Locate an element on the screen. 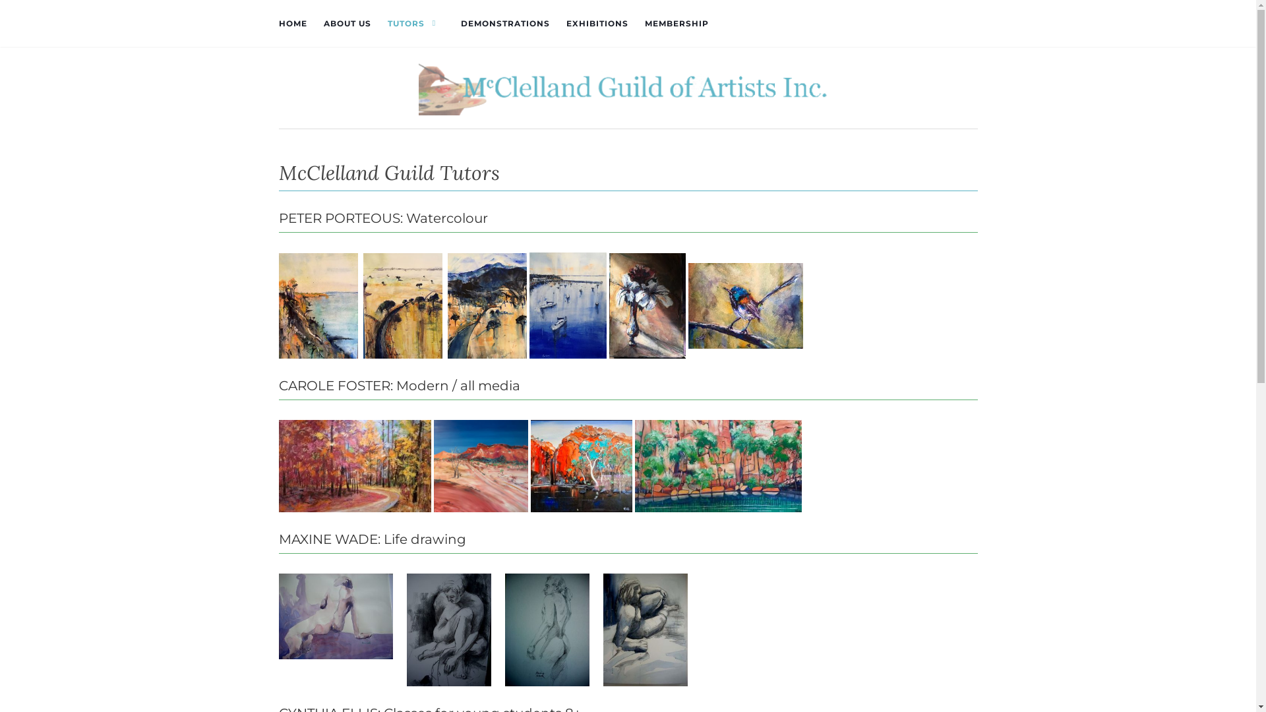  'ABOUT US' is located at coordinates (347, 23).